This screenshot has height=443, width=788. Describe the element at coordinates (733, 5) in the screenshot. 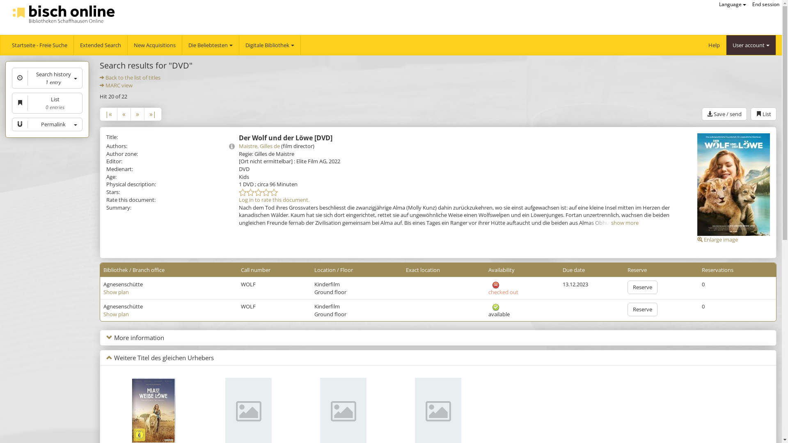

I see `'Language'` at that location.